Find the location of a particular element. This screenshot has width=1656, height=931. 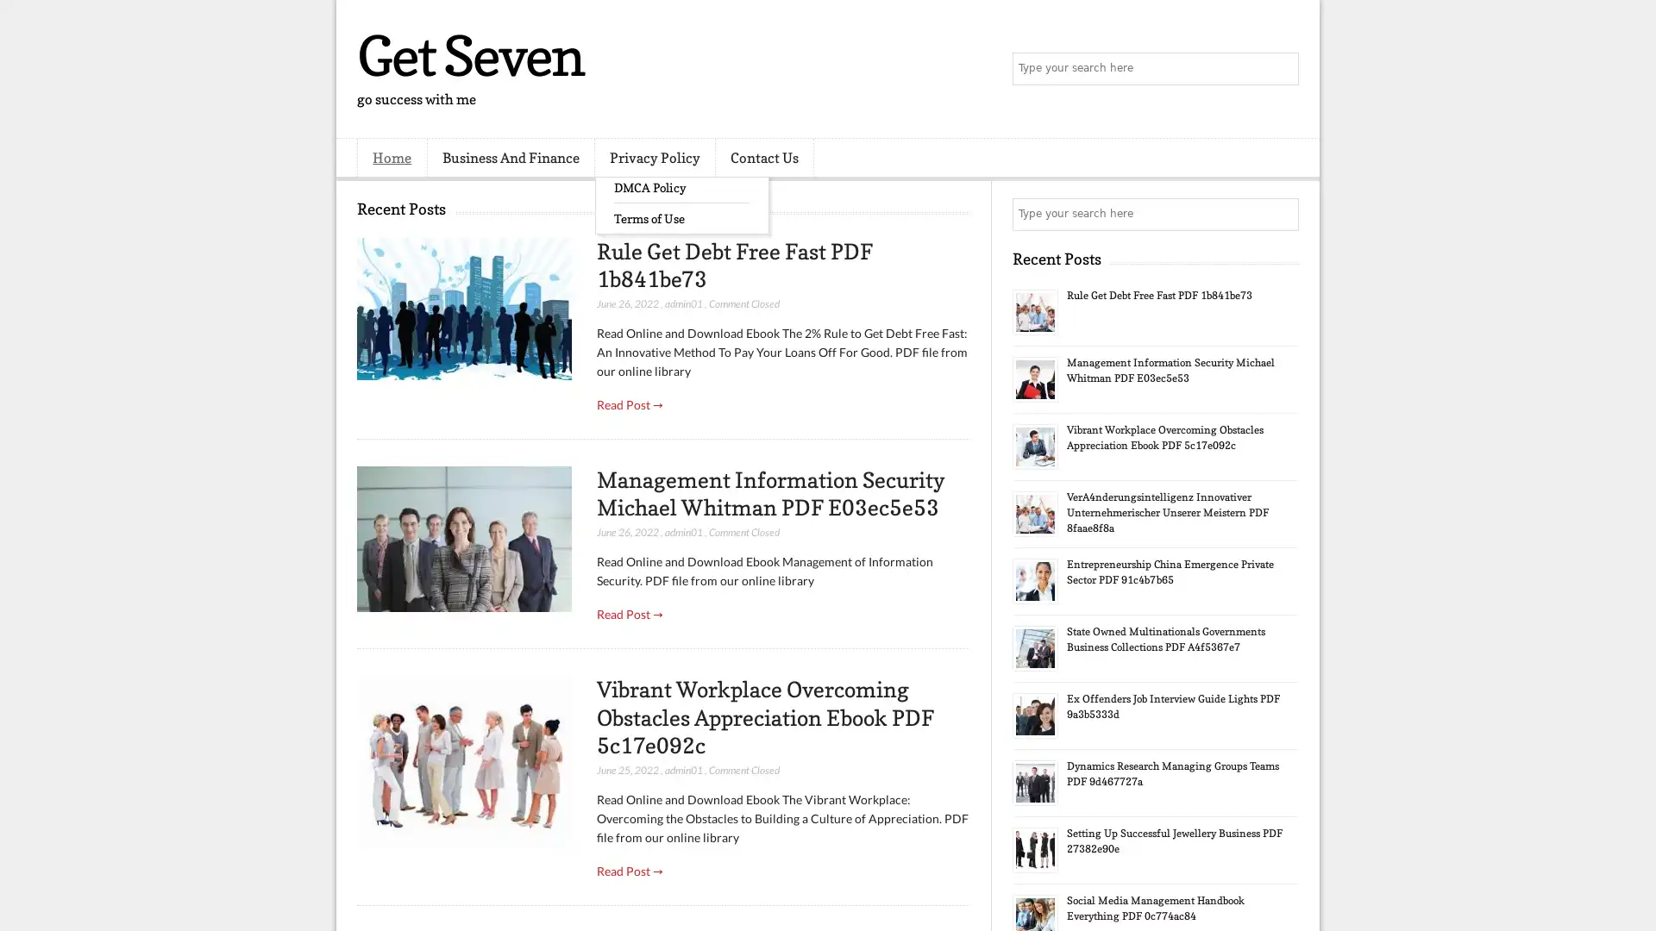

Search is located at coordinates (1281, 69).